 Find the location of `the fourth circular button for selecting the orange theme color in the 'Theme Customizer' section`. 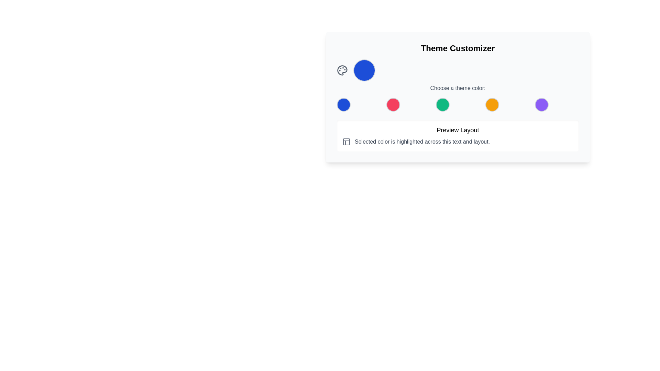

the fourth circular button for selecting the orange theme color in the 'Theme Customizer' section is located at coordinates (492, 104).